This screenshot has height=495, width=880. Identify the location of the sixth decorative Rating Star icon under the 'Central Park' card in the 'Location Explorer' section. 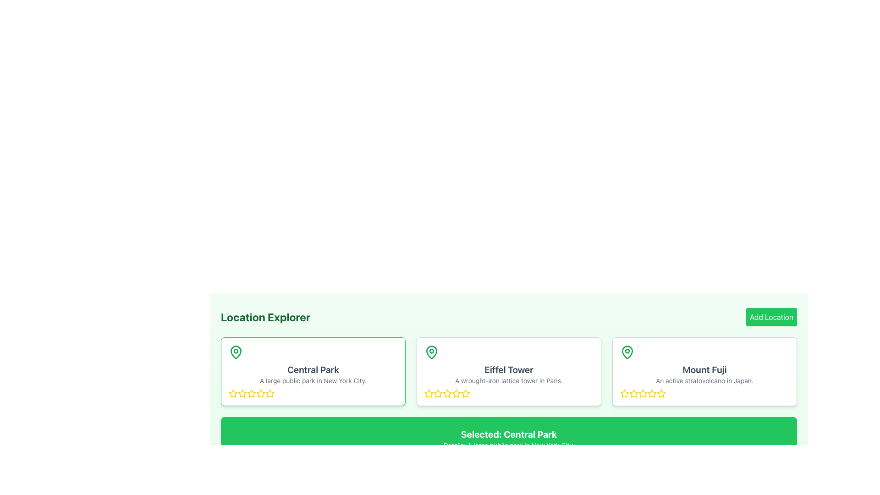
(269, 393).